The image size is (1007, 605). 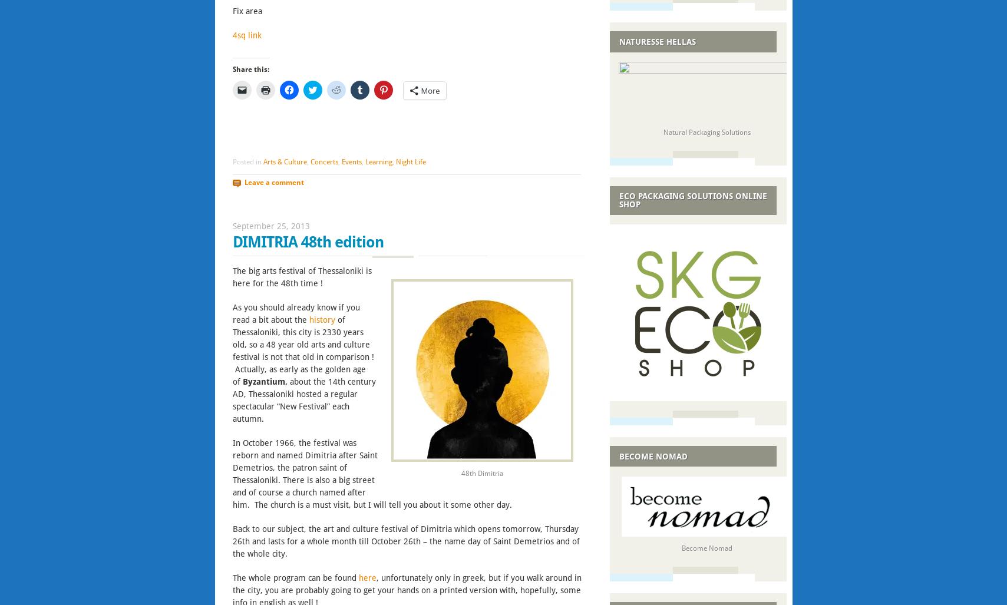 I want to click on 'Learning', so click(x=378, y=162).